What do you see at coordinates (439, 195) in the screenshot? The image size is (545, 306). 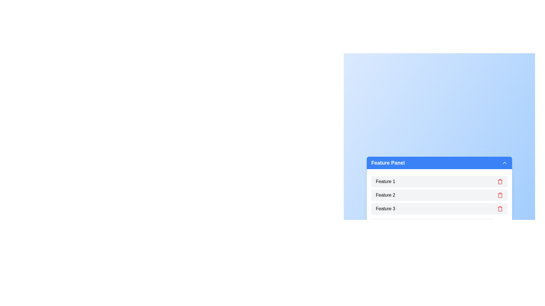 I see `the text of the second feature entry in the list` at bounding box center [439, 195].